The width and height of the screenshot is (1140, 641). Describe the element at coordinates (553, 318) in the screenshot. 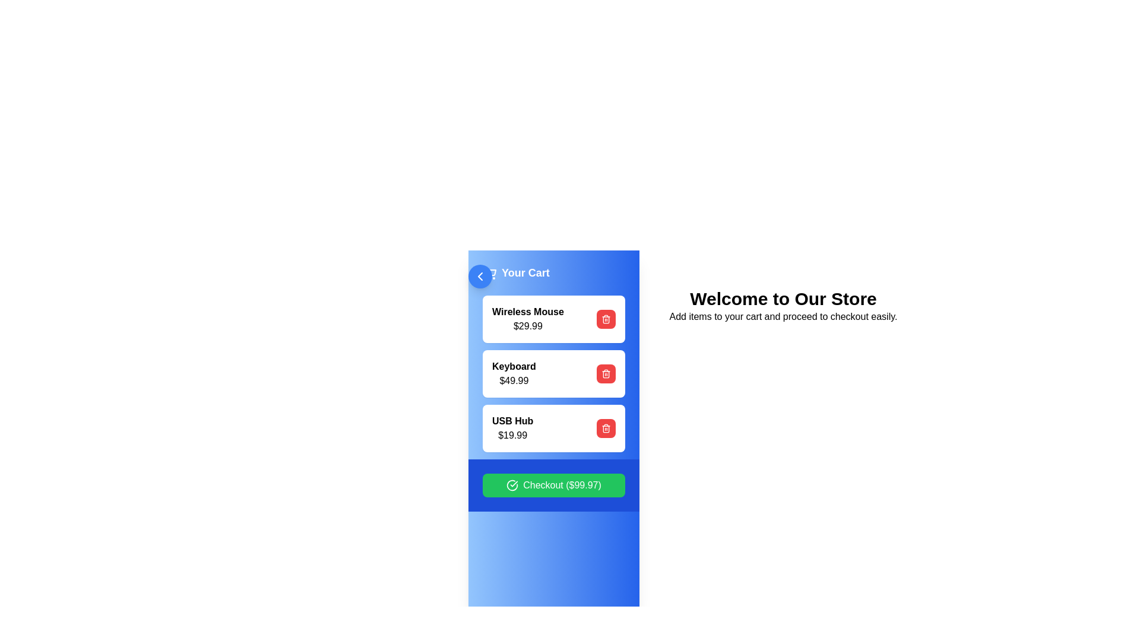

I see `the first Card widget displaying 'Wireless Mouse' priced at '$29.99'` at that location.